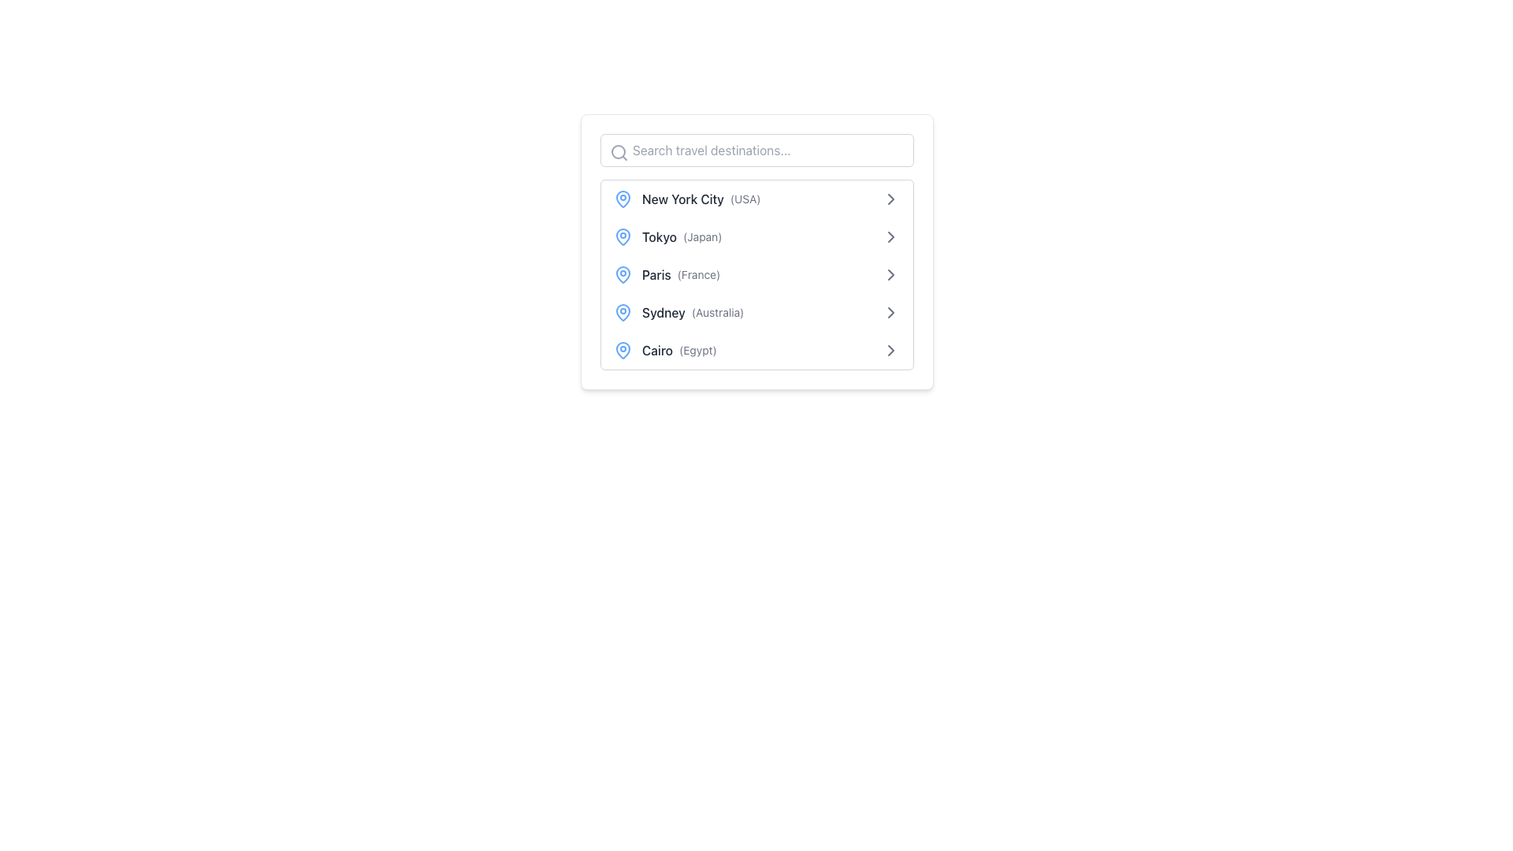  Describe the element at coordinates (891, 349) in the screenshot. I see `the right-facing chevron arrow located at the right end of the 'Cairo (Egypt)' entry in the vertical list of items` at that location.